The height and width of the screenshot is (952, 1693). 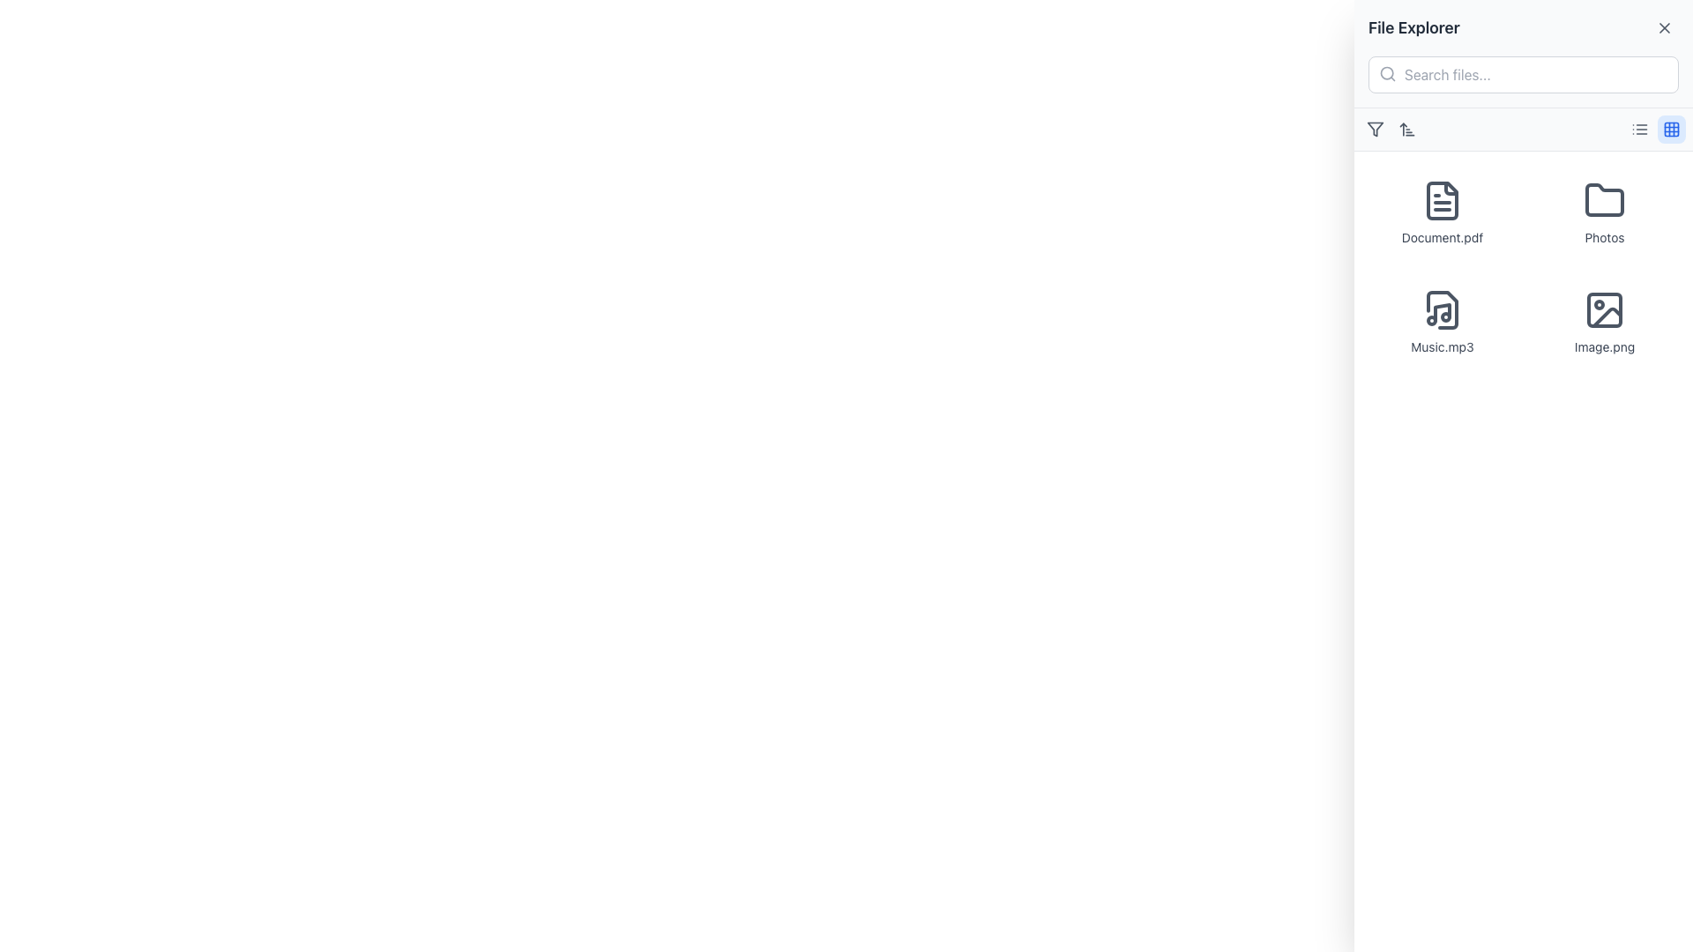 What do you see at coordinates (1375, 128) in the screenshot?
I see `the filter icon located in the top-right corner of the interface, part of a toolbar containing other action icons` at bounding box center [1375, 128].